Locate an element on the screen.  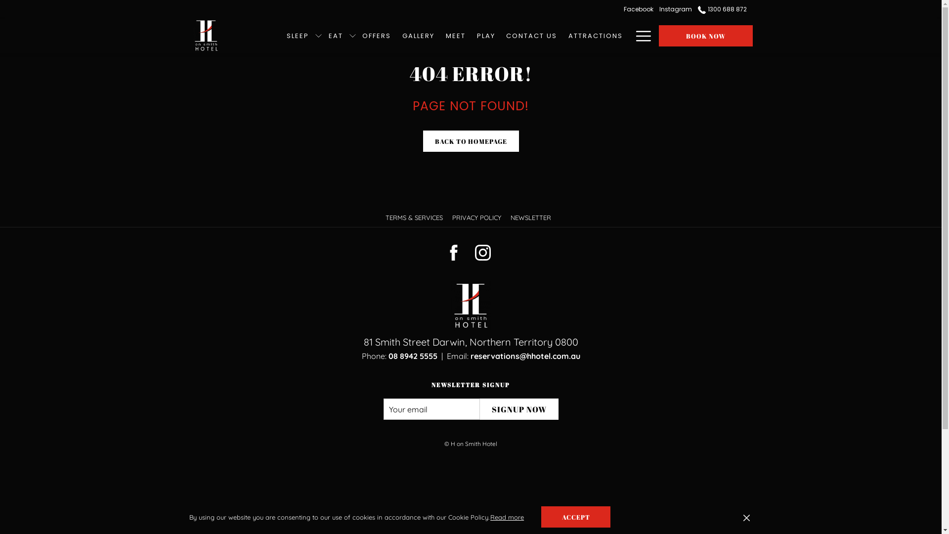
'BACK TO HOMEPAGE' is located at coordinates (423, 141).